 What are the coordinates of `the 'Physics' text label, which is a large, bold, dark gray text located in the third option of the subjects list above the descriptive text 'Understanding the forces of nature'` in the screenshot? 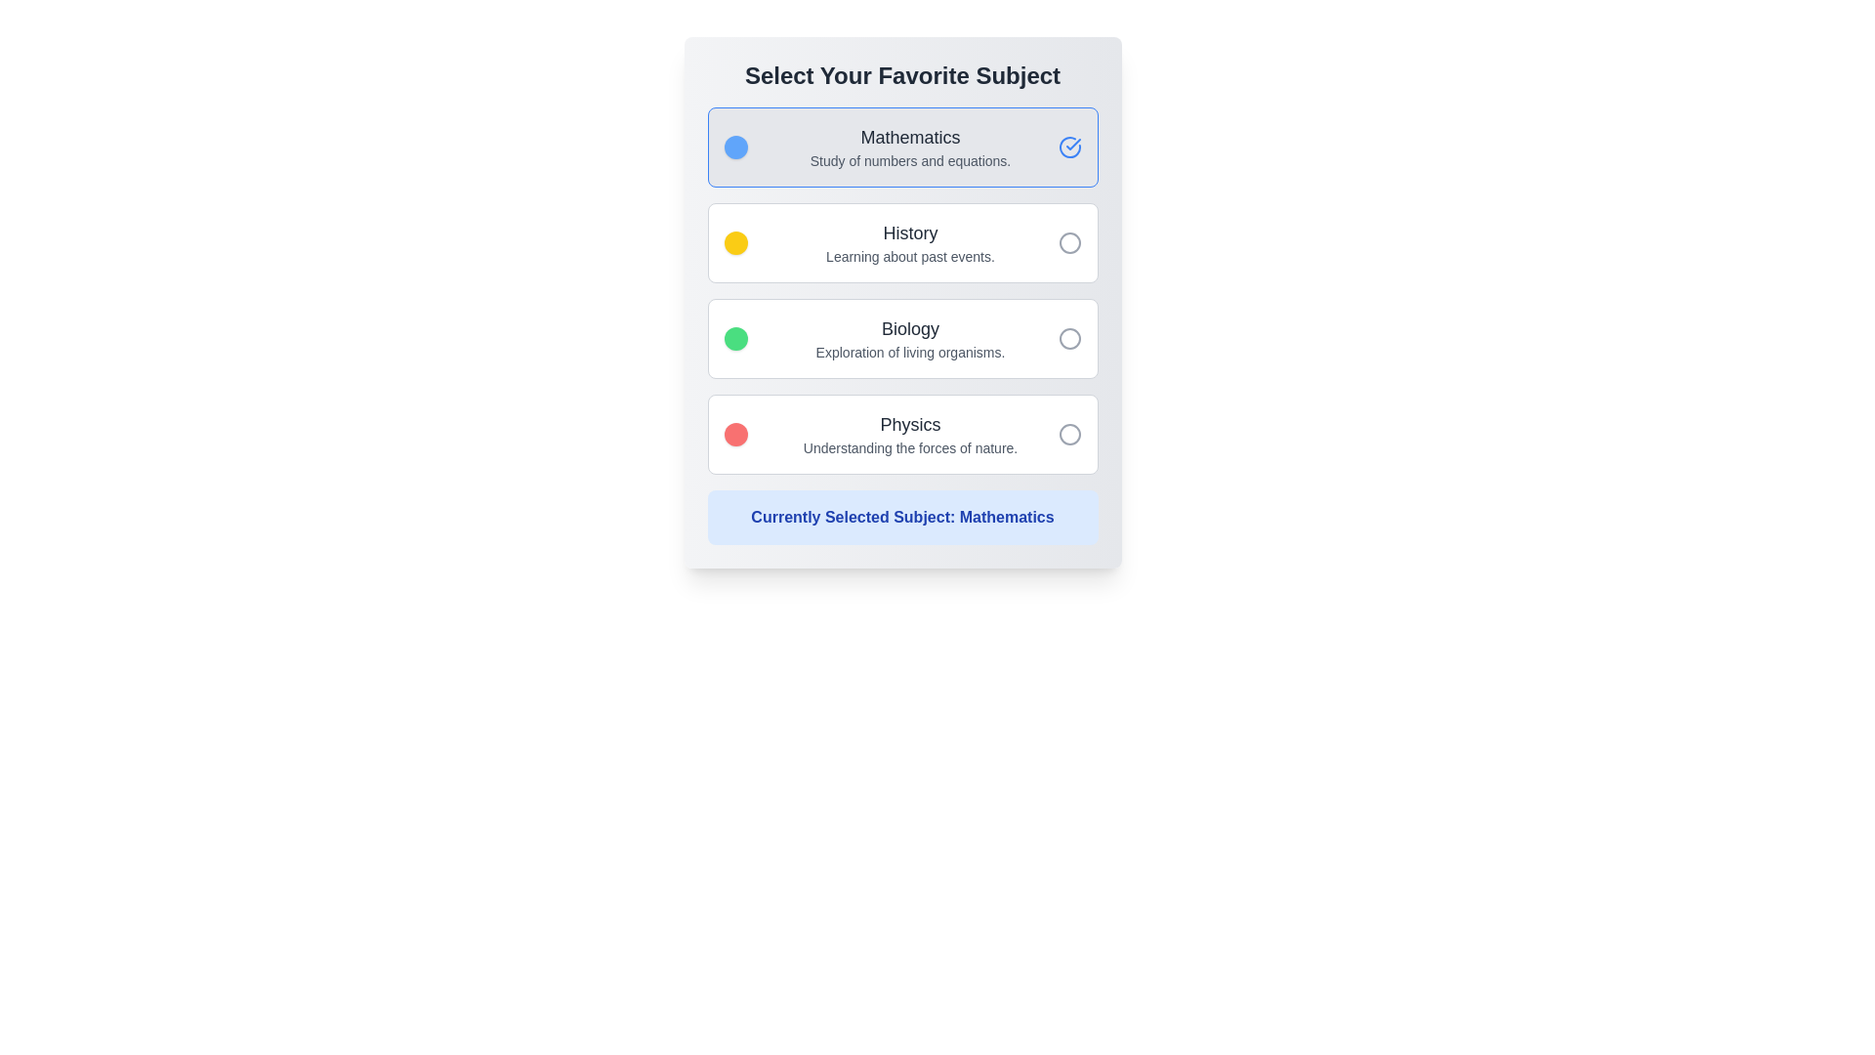 It's located at (909, 424).